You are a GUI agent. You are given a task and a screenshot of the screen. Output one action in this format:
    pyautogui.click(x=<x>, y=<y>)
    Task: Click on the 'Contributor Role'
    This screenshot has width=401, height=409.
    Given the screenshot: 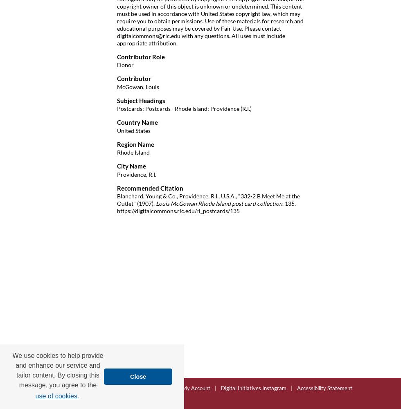 What is the action you would take?
    pyautogui.click(x=141, y=56)
    